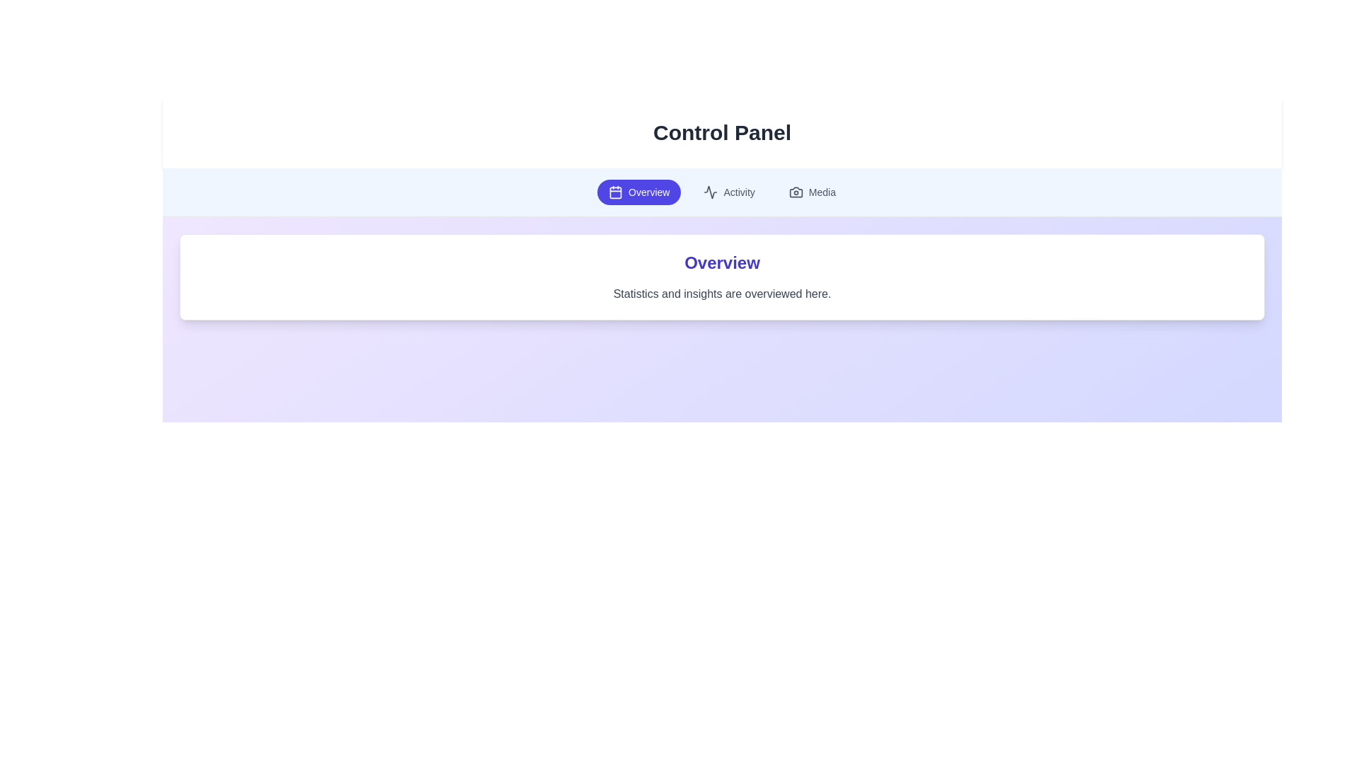 The height and width of the screenshot is (764, 1359). Describe the element at coordinates (638, 192) in the screenshot. I see `the first button in the horizontal row located just below the 'Control Panel' title` at that location.